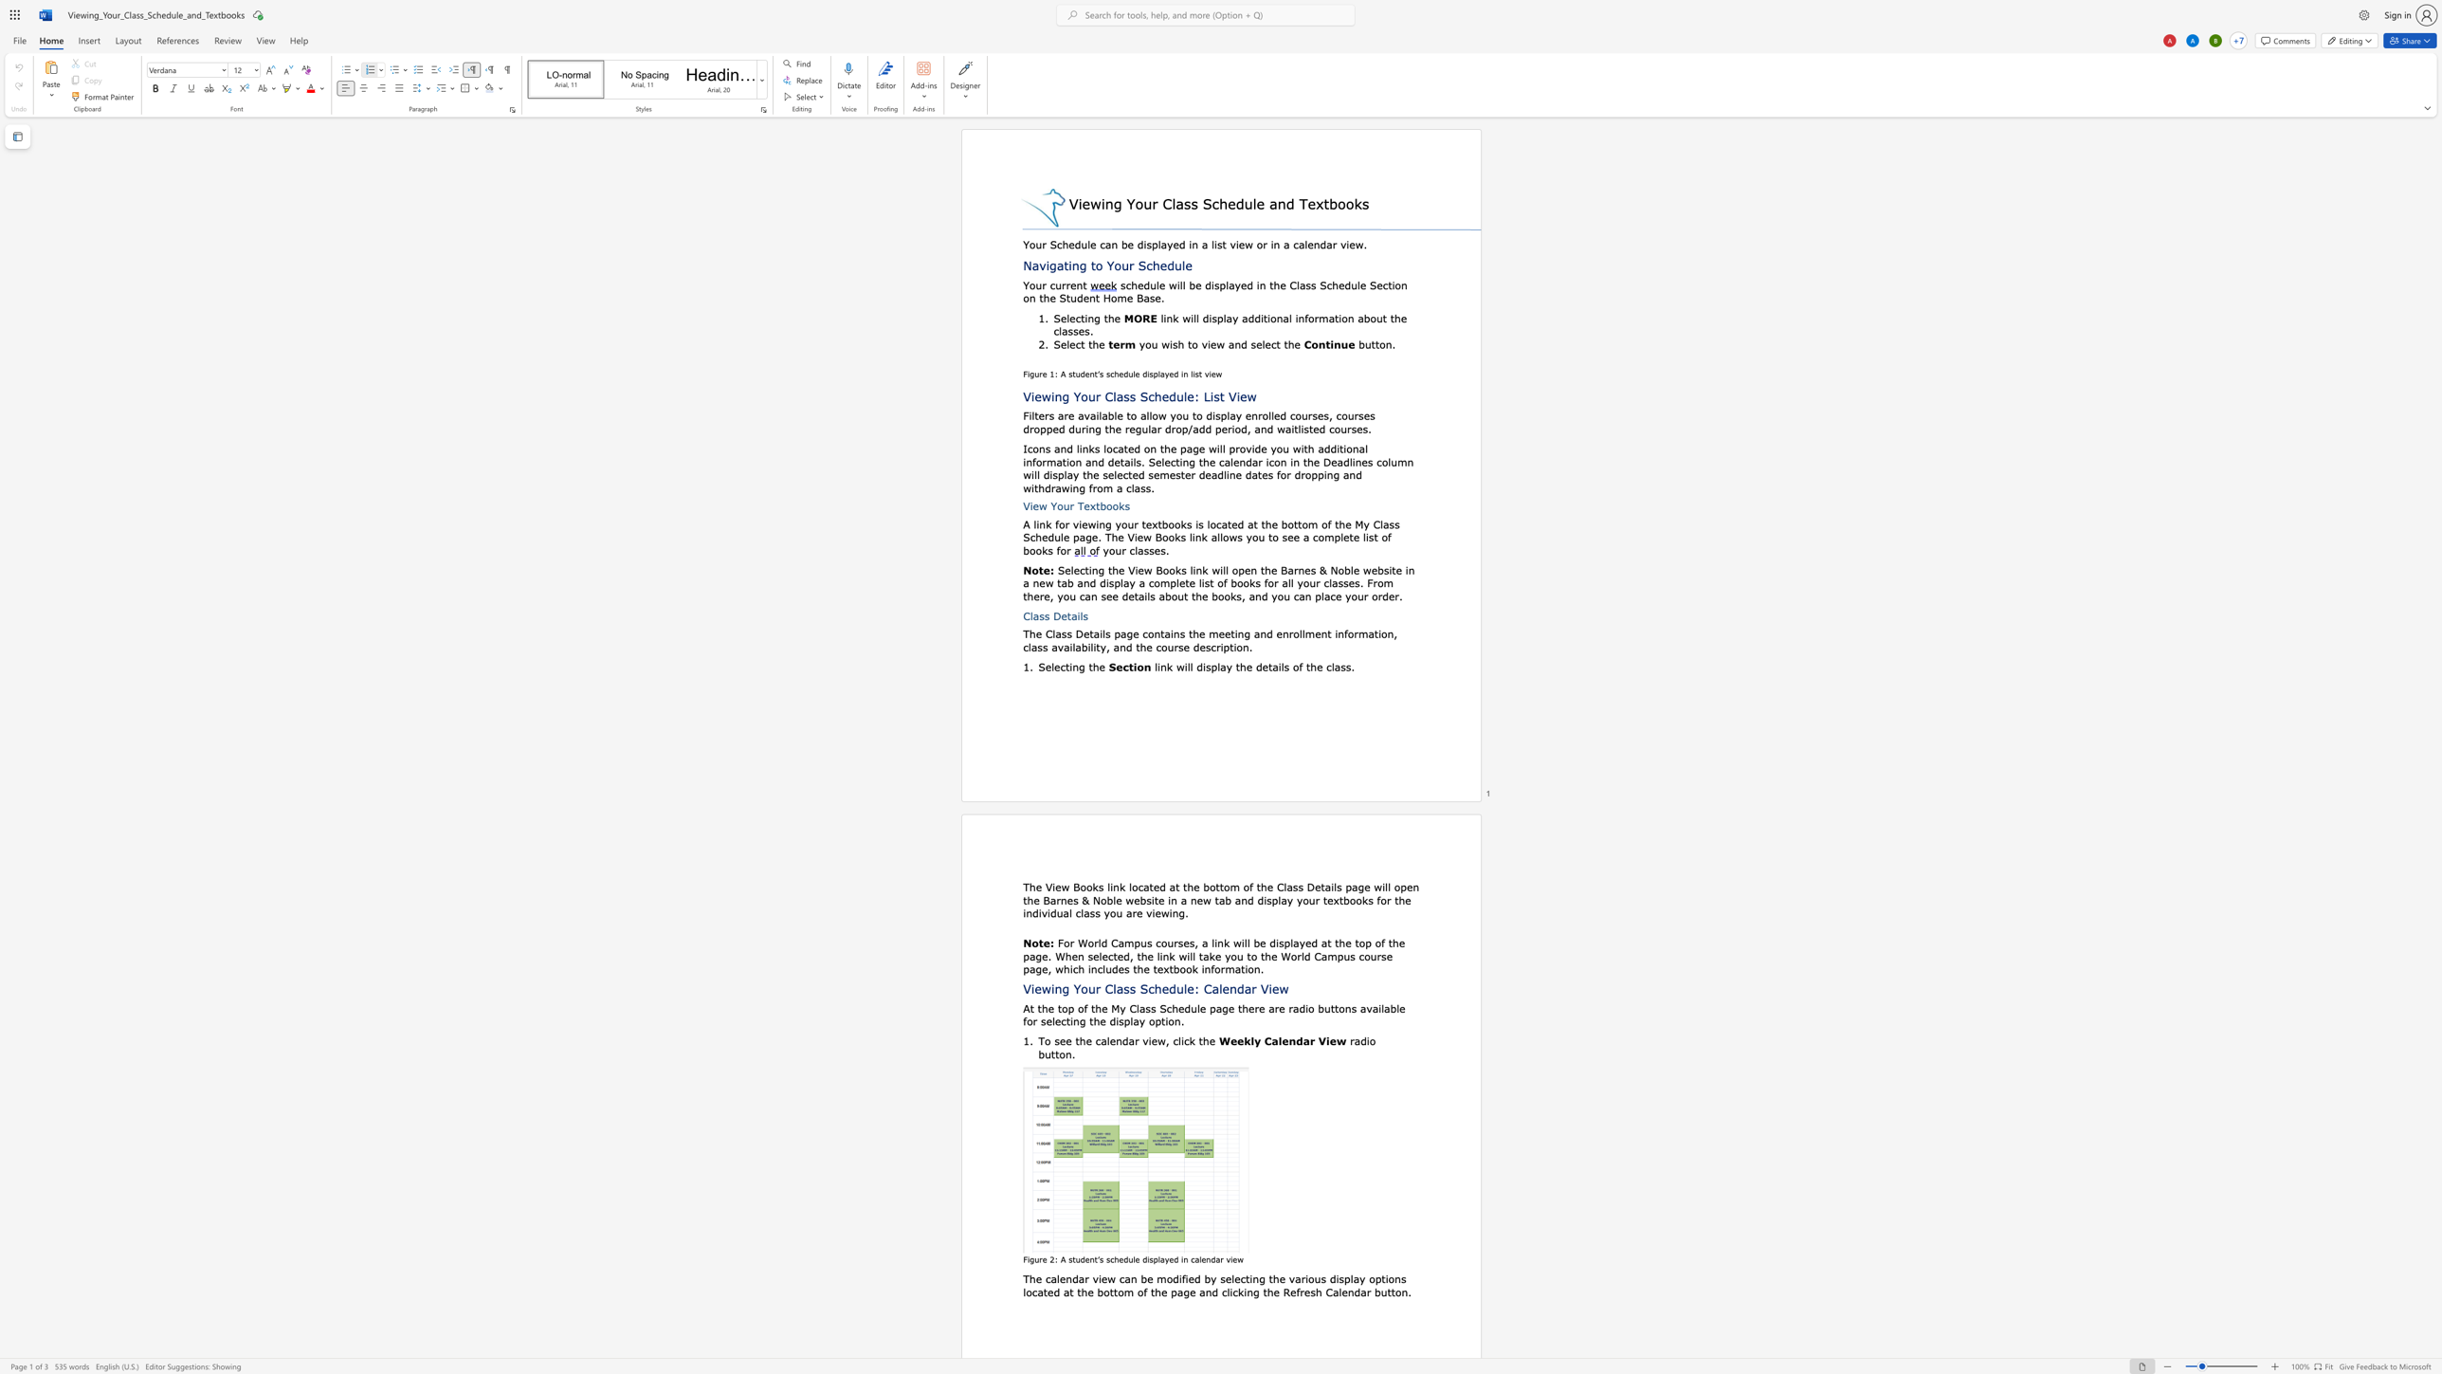  Describe the element at coordinates (1096, 374) in the screenshot. I see `the space between the continuous character "t" and "’" in the text` at that location.